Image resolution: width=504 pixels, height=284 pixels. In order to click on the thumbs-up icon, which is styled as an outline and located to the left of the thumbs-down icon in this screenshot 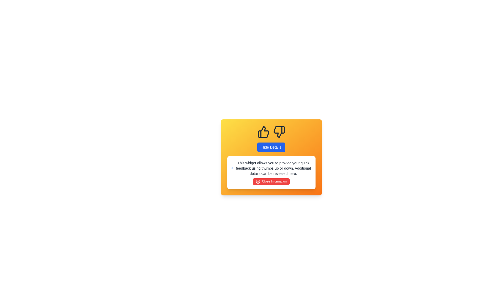, I will do `click(263, 131)`.